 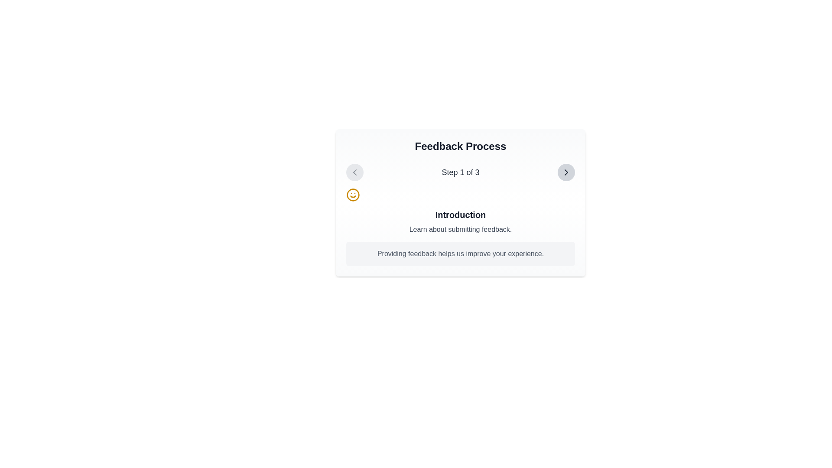 I want to click on the forward navigation button located at the right side of the card, next to 'Step 1 of 3', to proceed to the next step, so click(x=566, y=172).